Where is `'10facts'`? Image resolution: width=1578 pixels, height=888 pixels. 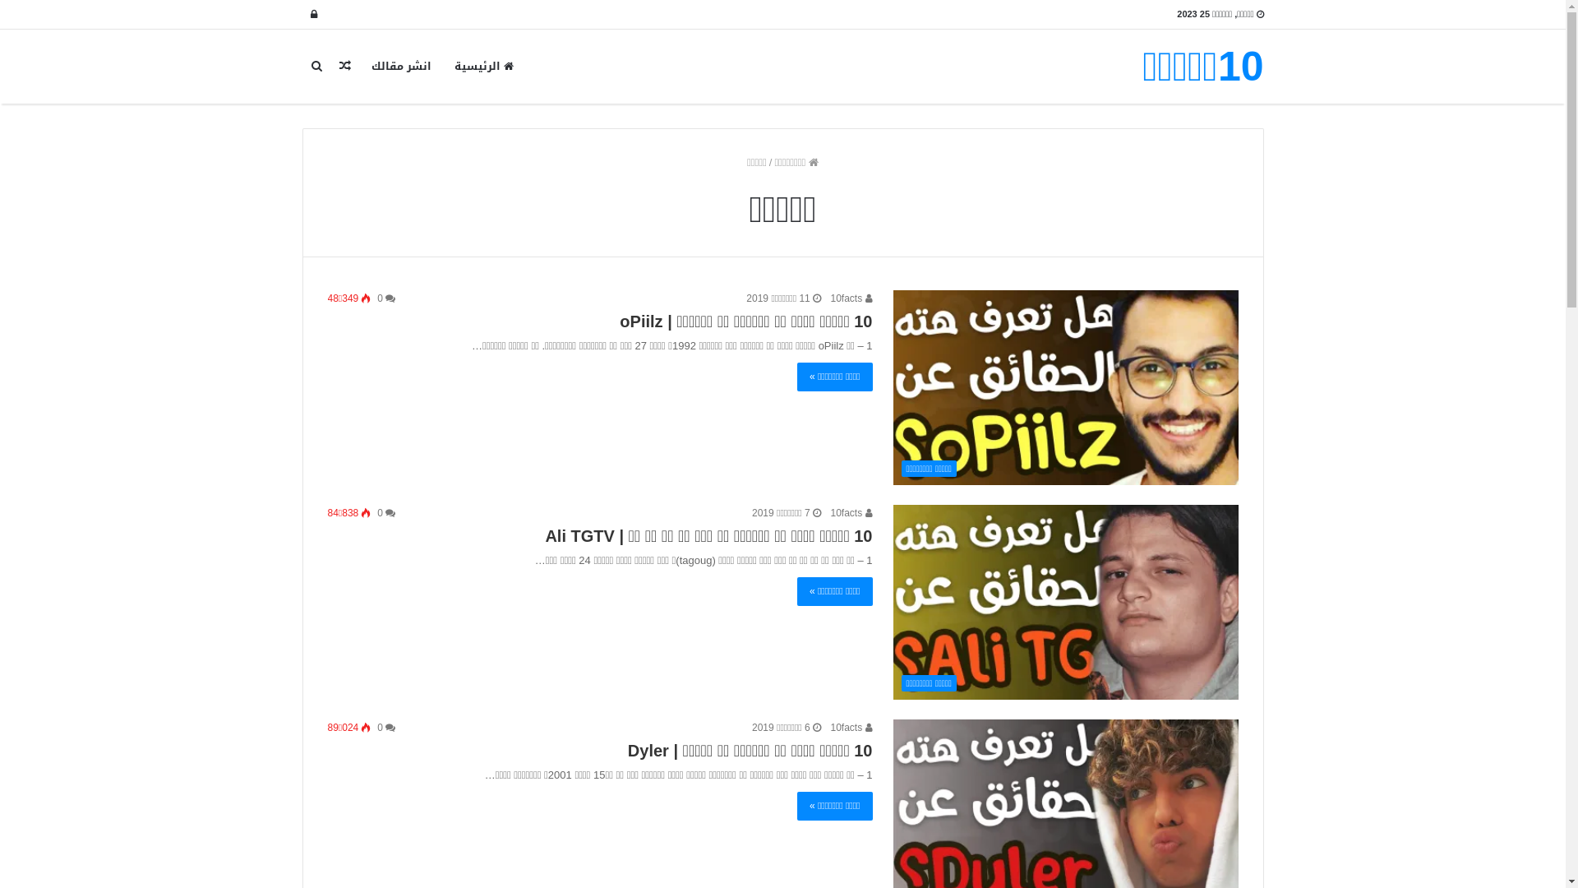
'10facts' is located at coordinates (851, 512).